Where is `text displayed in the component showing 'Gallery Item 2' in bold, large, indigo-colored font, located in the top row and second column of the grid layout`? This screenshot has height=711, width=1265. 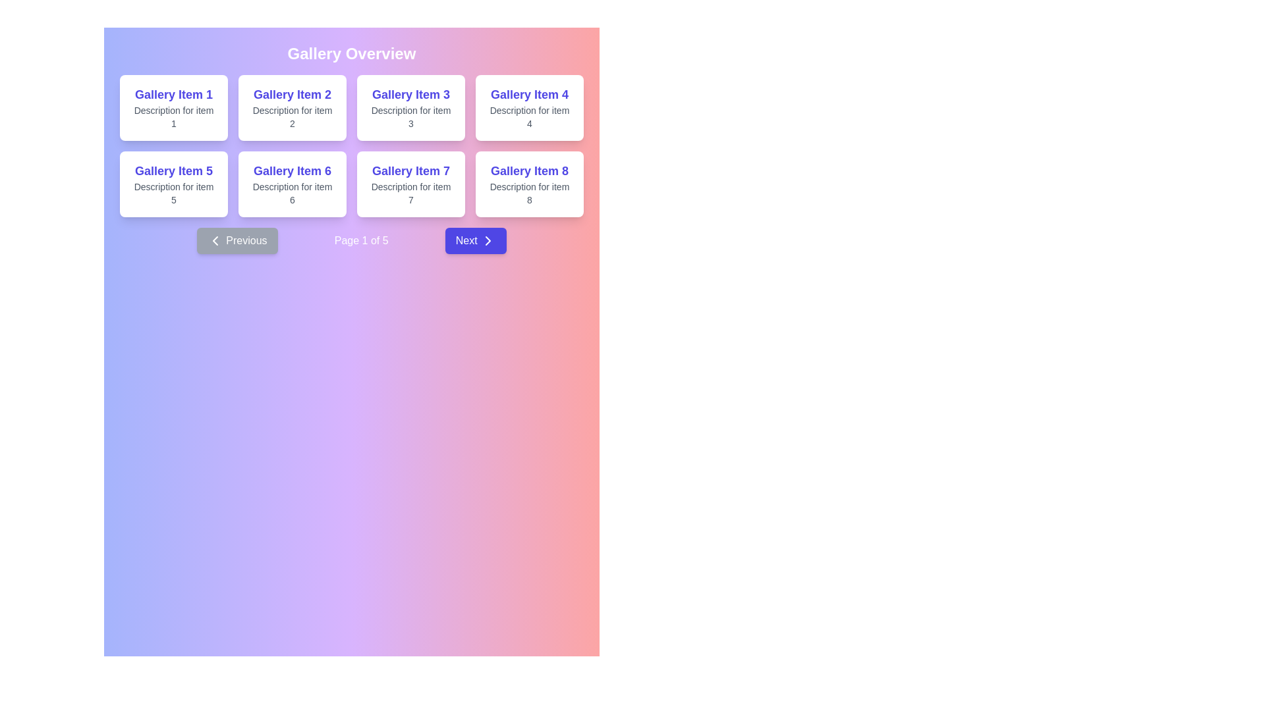
text displayed in the component showing 'Gallery Item 2' in bold, large, indigo-colored font, located in the top row and second column of the grid layout is located at coordinates (292, 93).